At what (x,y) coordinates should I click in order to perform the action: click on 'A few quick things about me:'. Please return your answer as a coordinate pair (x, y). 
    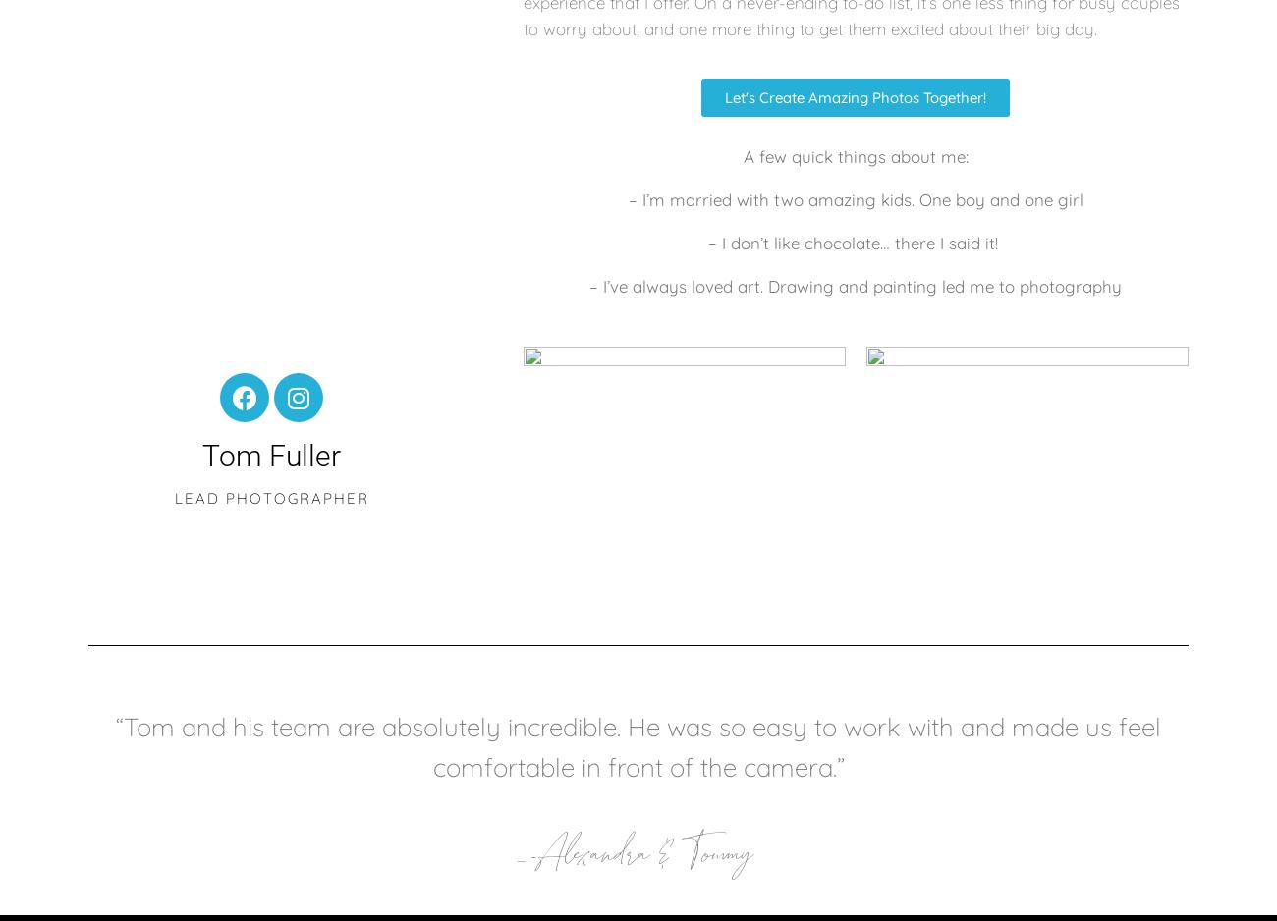
    Looking at the image, I should click on (742, 155).